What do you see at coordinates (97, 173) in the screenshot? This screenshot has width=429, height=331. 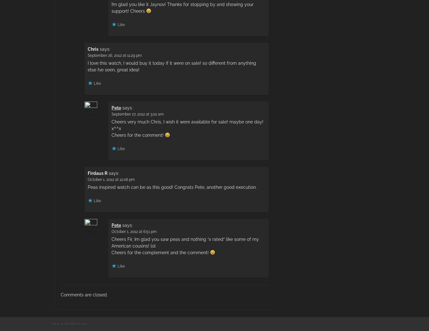 I see `'Firdaus R'` at bounding box center [97, 173].